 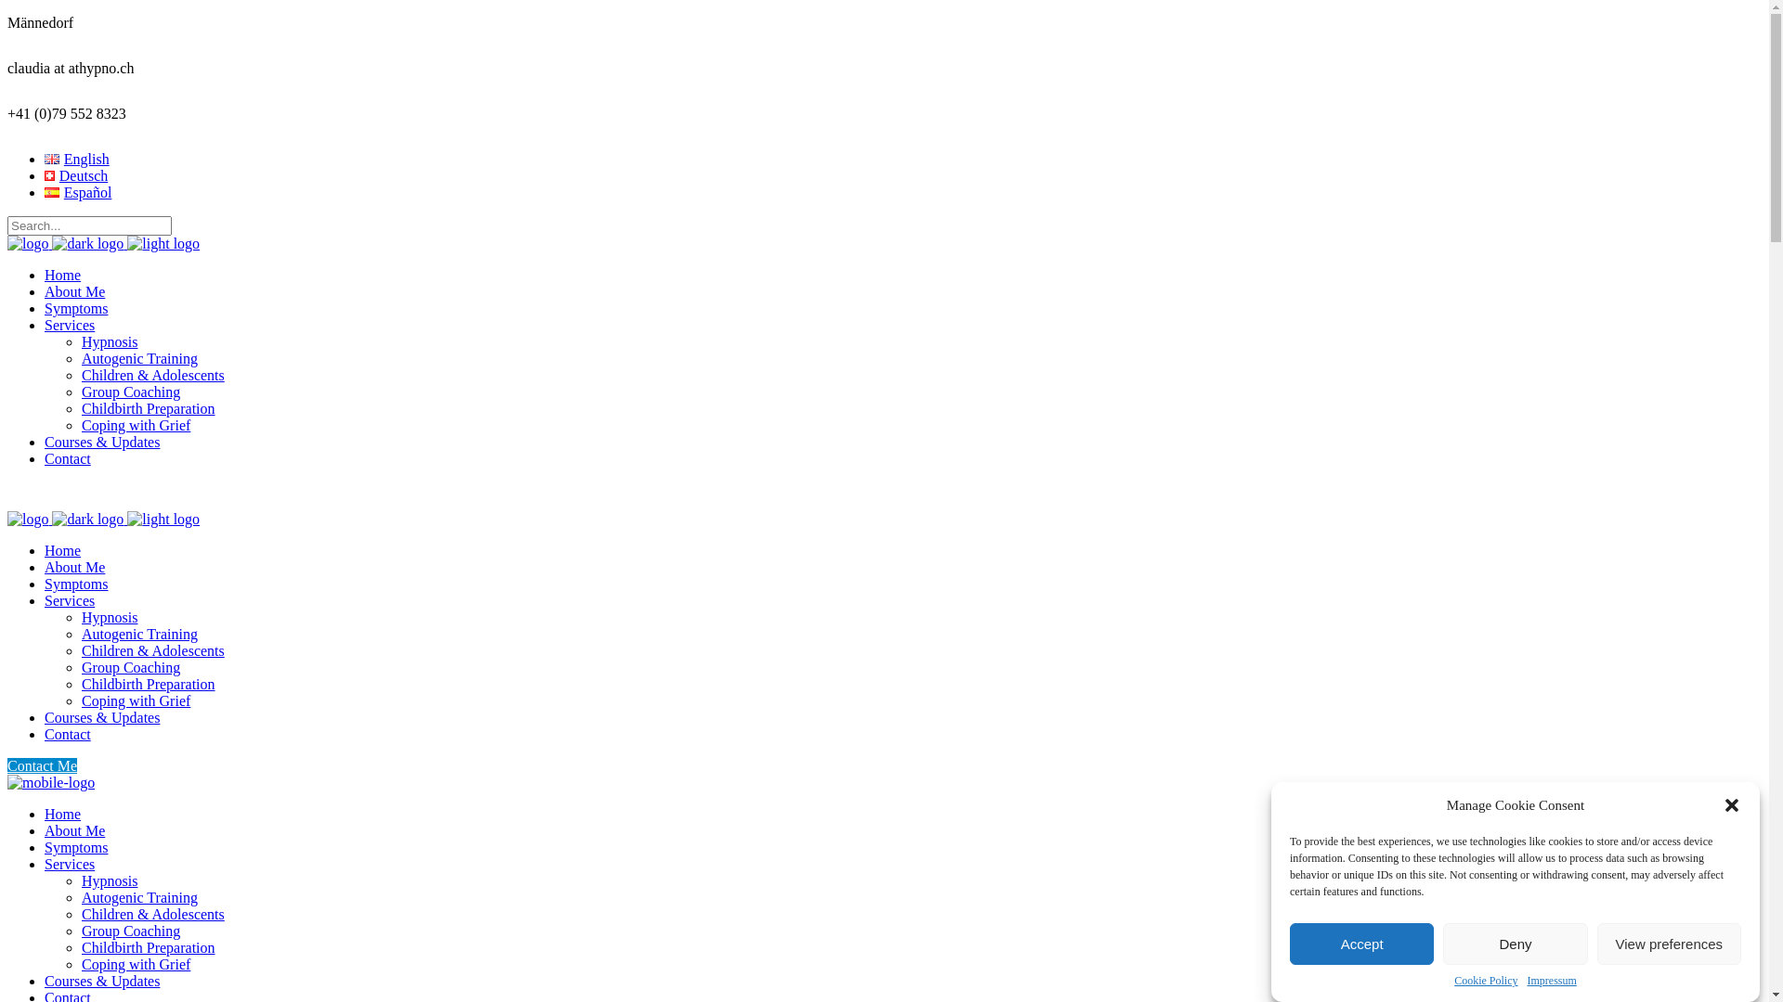 I want to click on 'Coping with Grief', so click(x=135, y=963).